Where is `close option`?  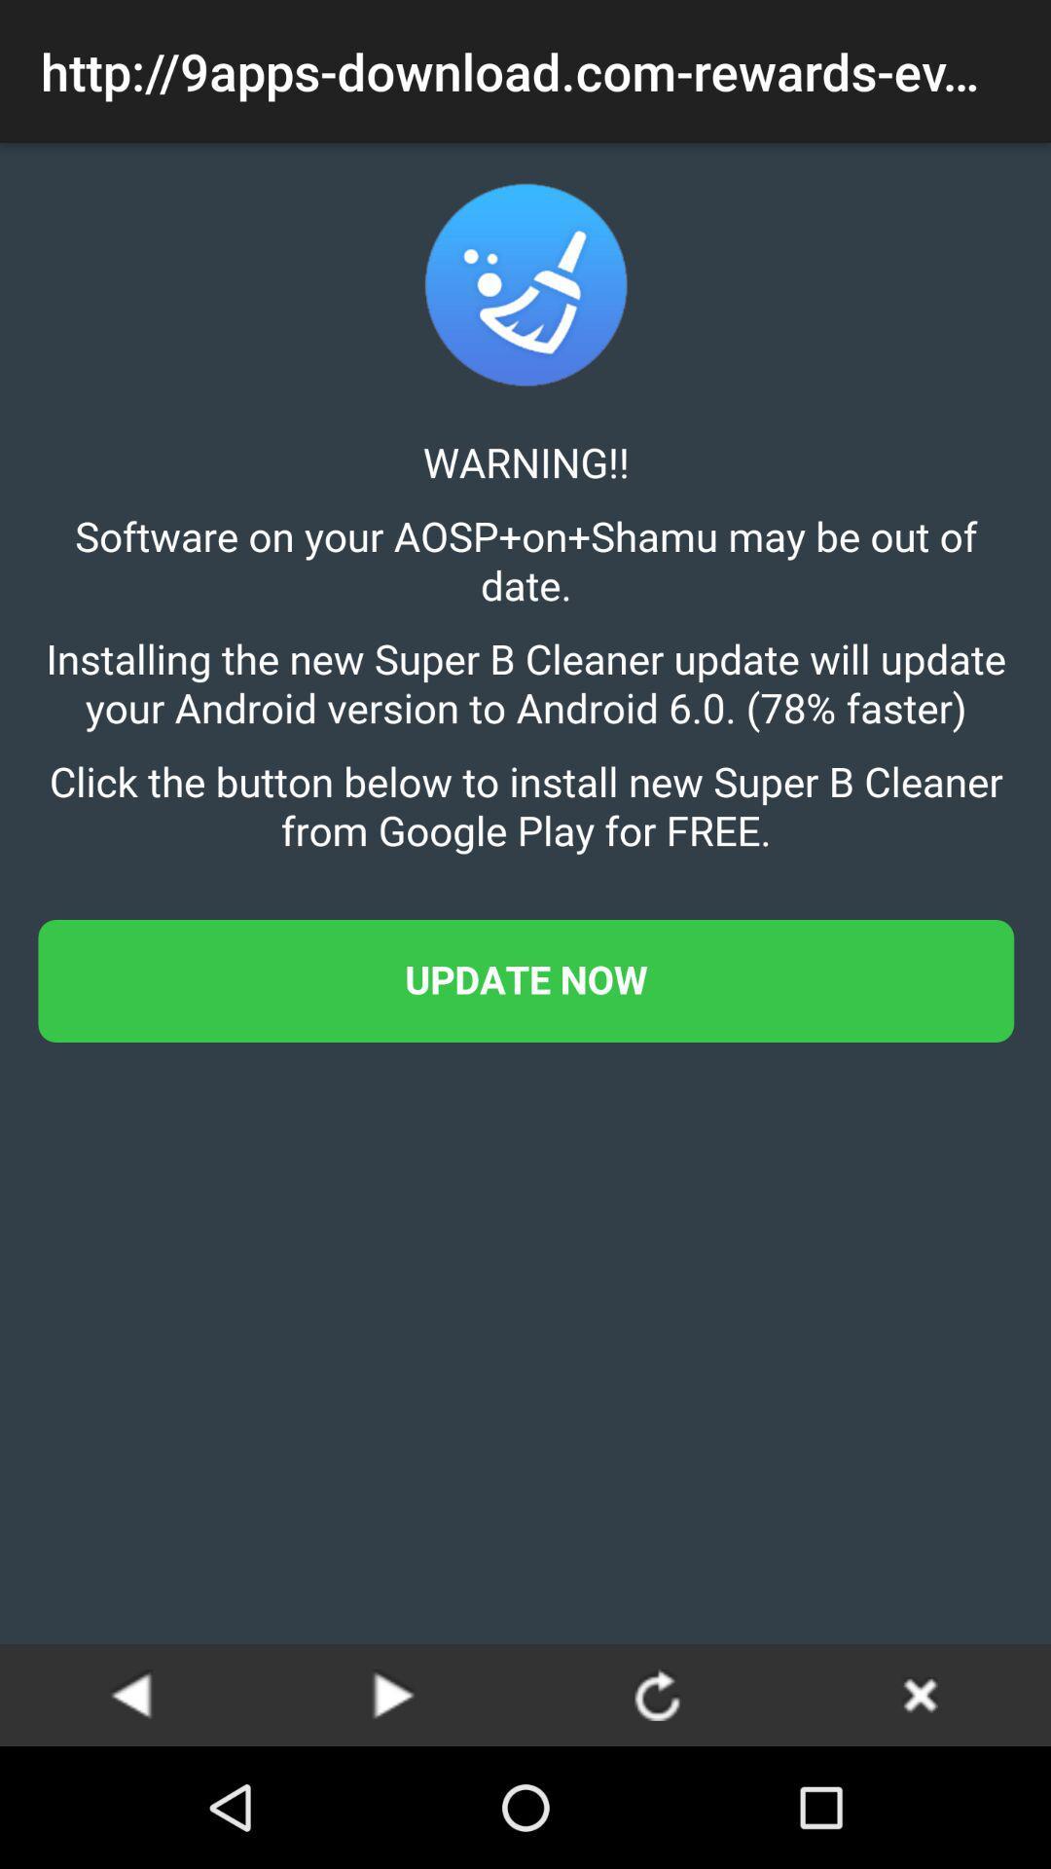
close option is located at coordinates (920, 1694).